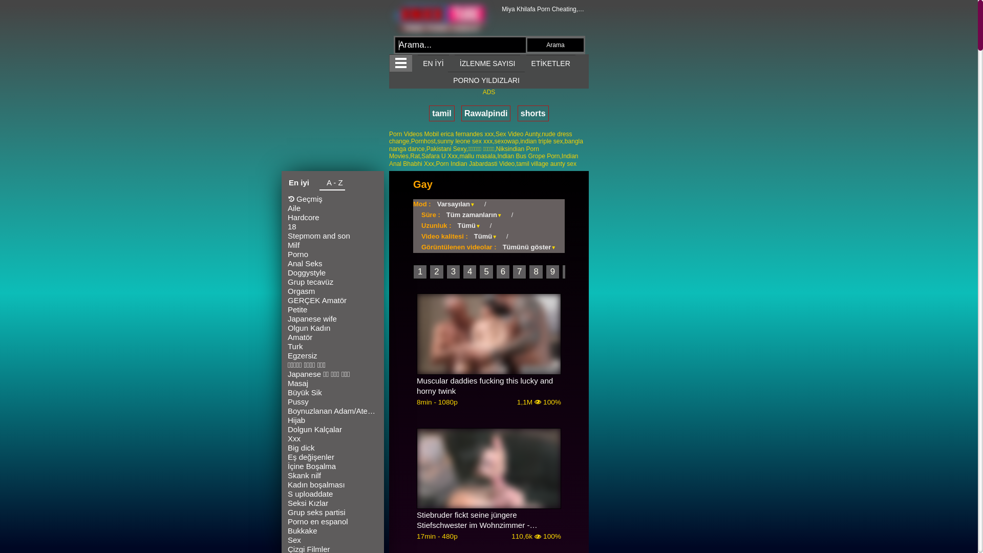 This screenshot has height=553, width=983. What do you see at coordinates (332, 272) in the screenshot?
I see `'Doggystyle'` at bounding box center [332, 272].